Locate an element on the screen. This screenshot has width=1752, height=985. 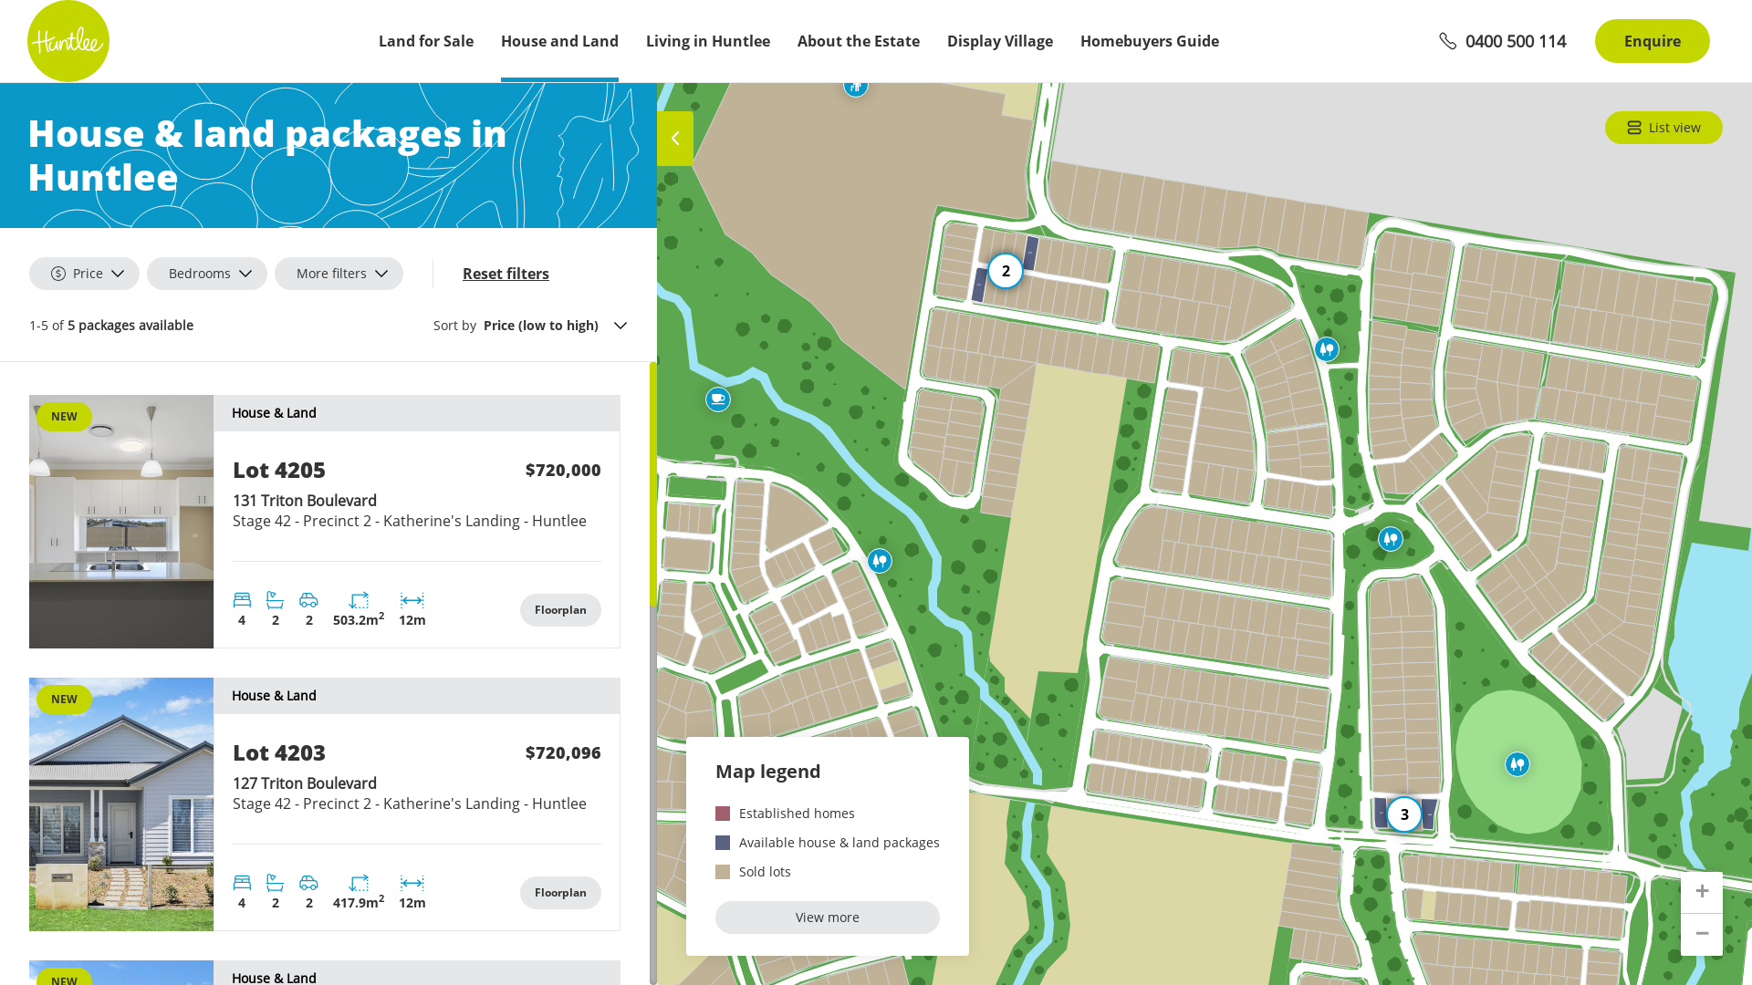
'Enquire' is located at coordinates (1652, 41).